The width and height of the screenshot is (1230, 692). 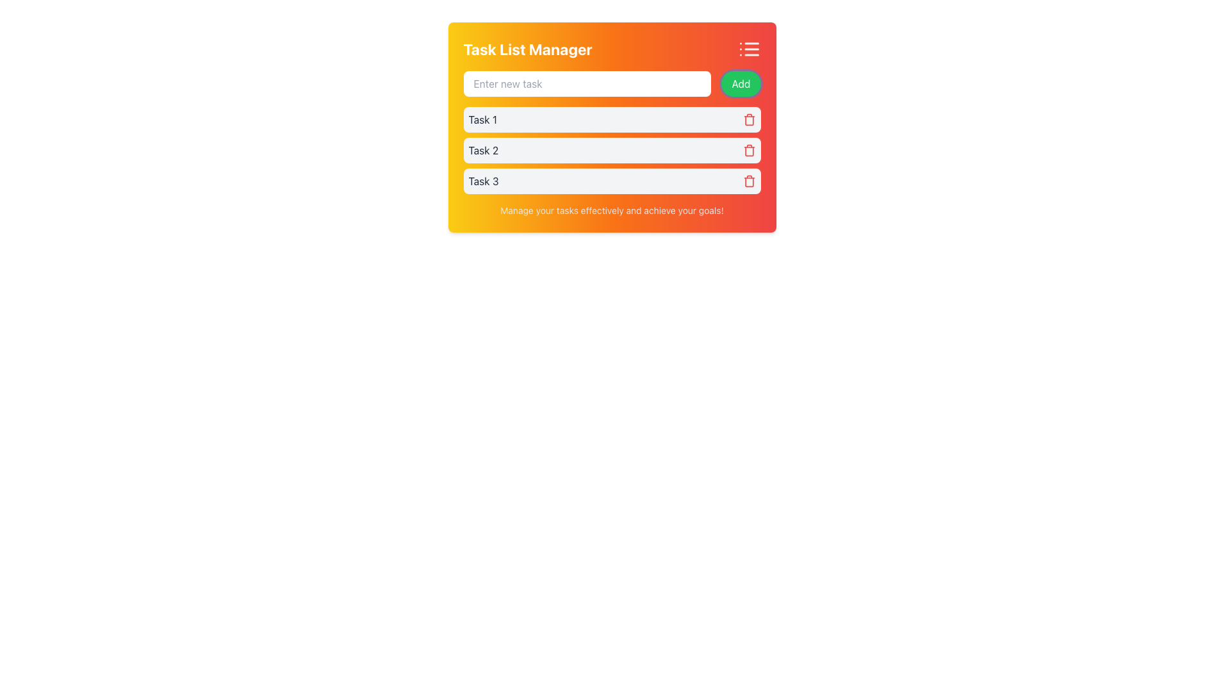 What do you see at coordinates (611, 210) in the screenshot?
I see `the Static Text Section located at the bottom of the task list manager, which provides instructional or motivational messages to users` at bounding box center [611, 210].